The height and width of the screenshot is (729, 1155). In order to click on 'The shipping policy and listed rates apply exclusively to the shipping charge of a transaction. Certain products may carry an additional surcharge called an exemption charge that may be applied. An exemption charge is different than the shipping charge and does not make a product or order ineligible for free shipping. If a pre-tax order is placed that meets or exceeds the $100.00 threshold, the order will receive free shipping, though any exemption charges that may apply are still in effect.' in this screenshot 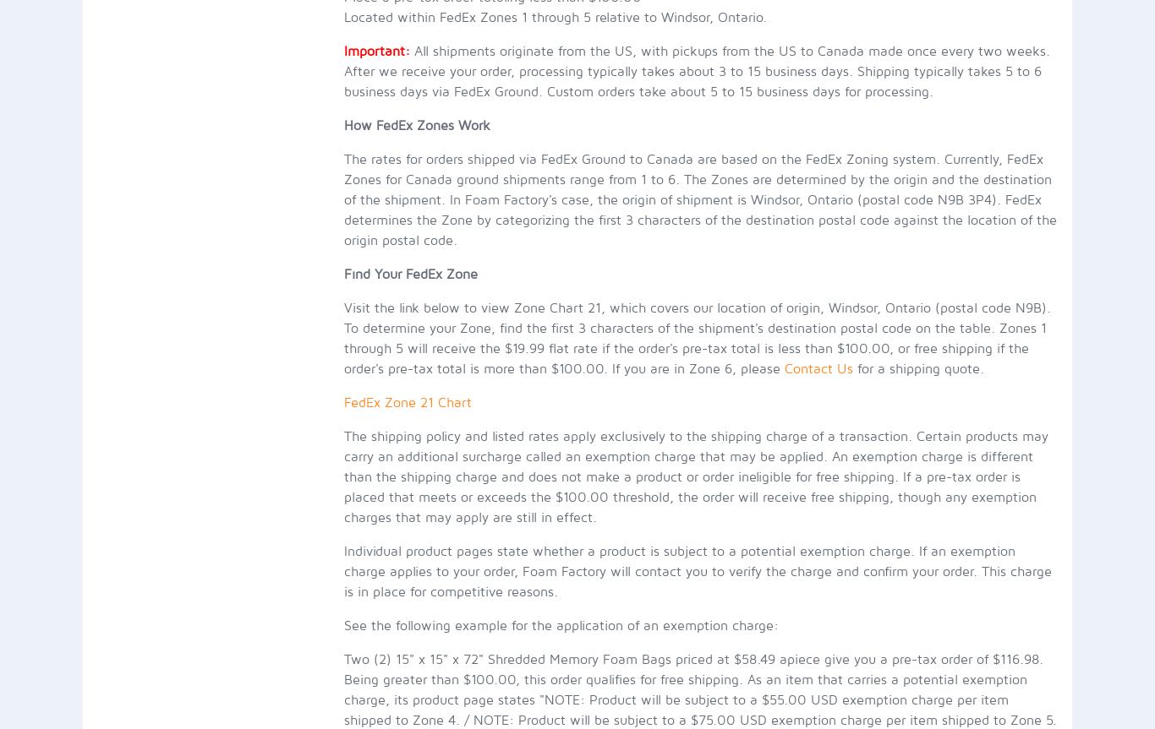, I will do `click(694, 476)`.